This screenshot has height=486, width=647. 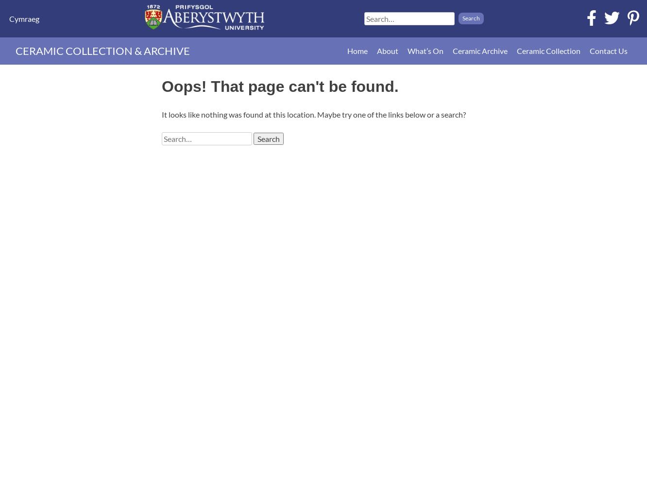 I want to click on 'What’s On', so click(x=425, y=50).